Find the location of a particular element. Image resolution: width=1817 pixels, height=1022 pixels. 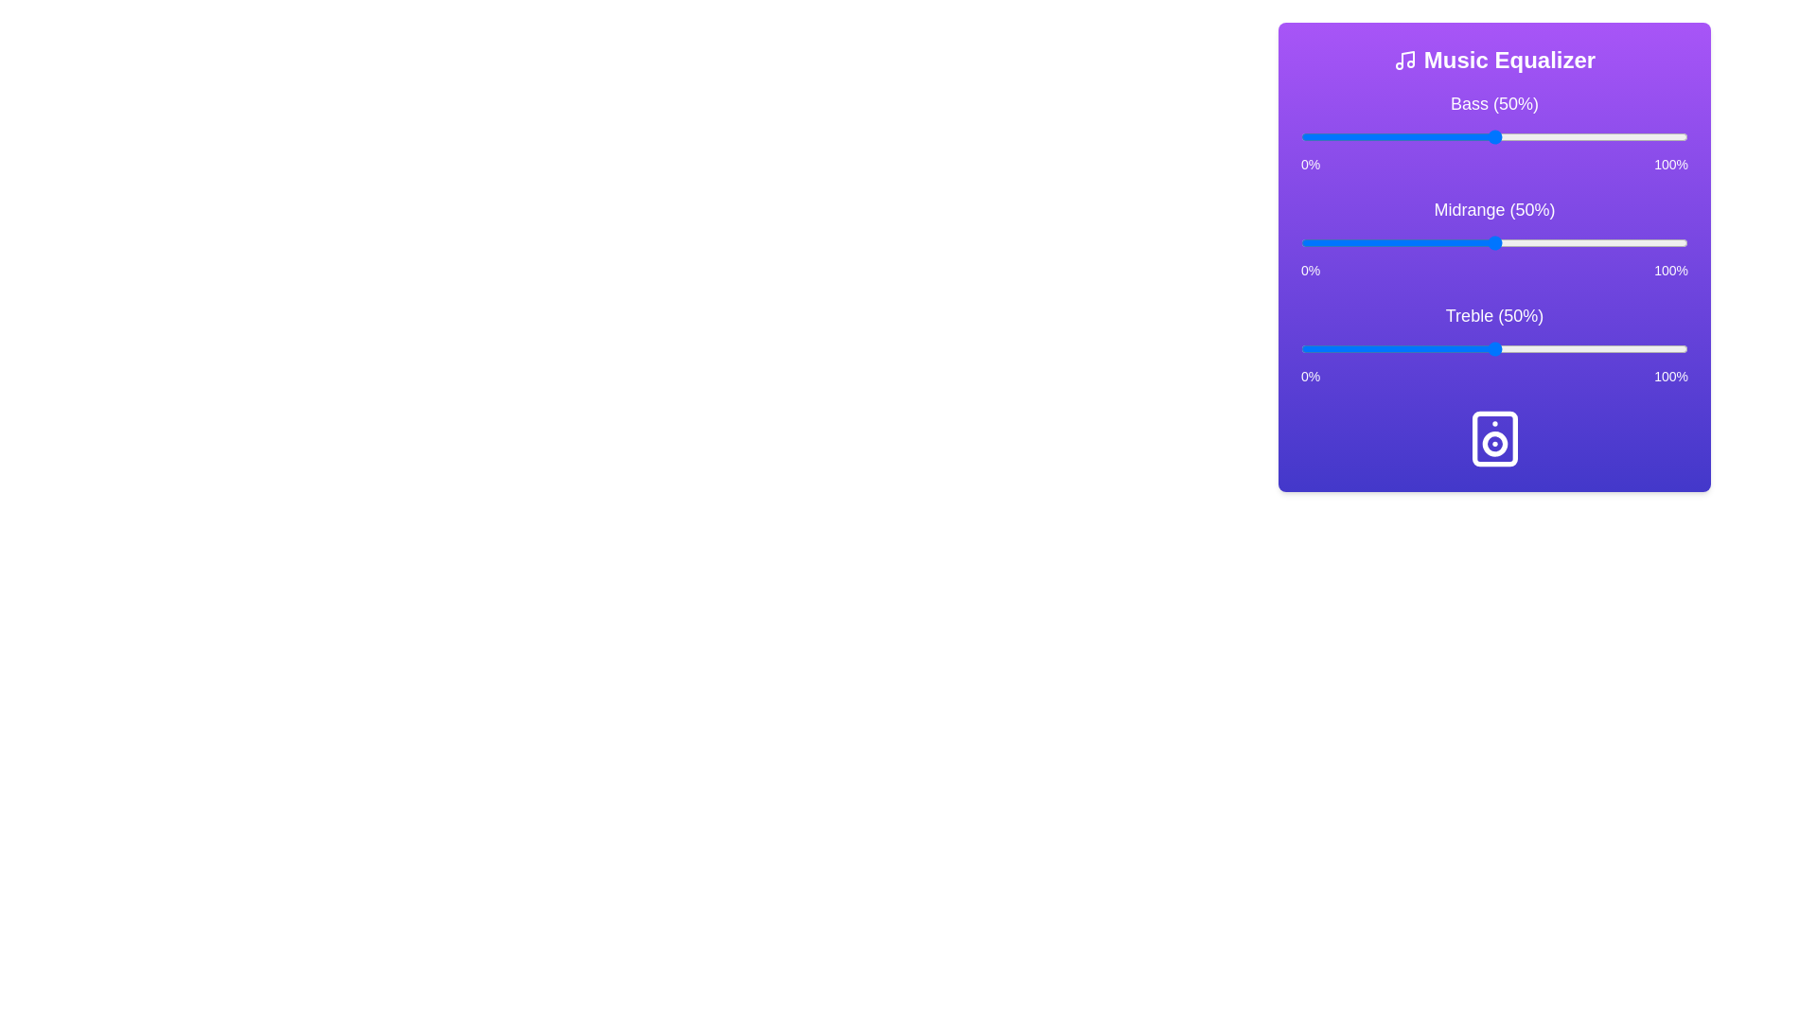

the midrange level to 20% using the slider is located at coordinates (1378, 242).